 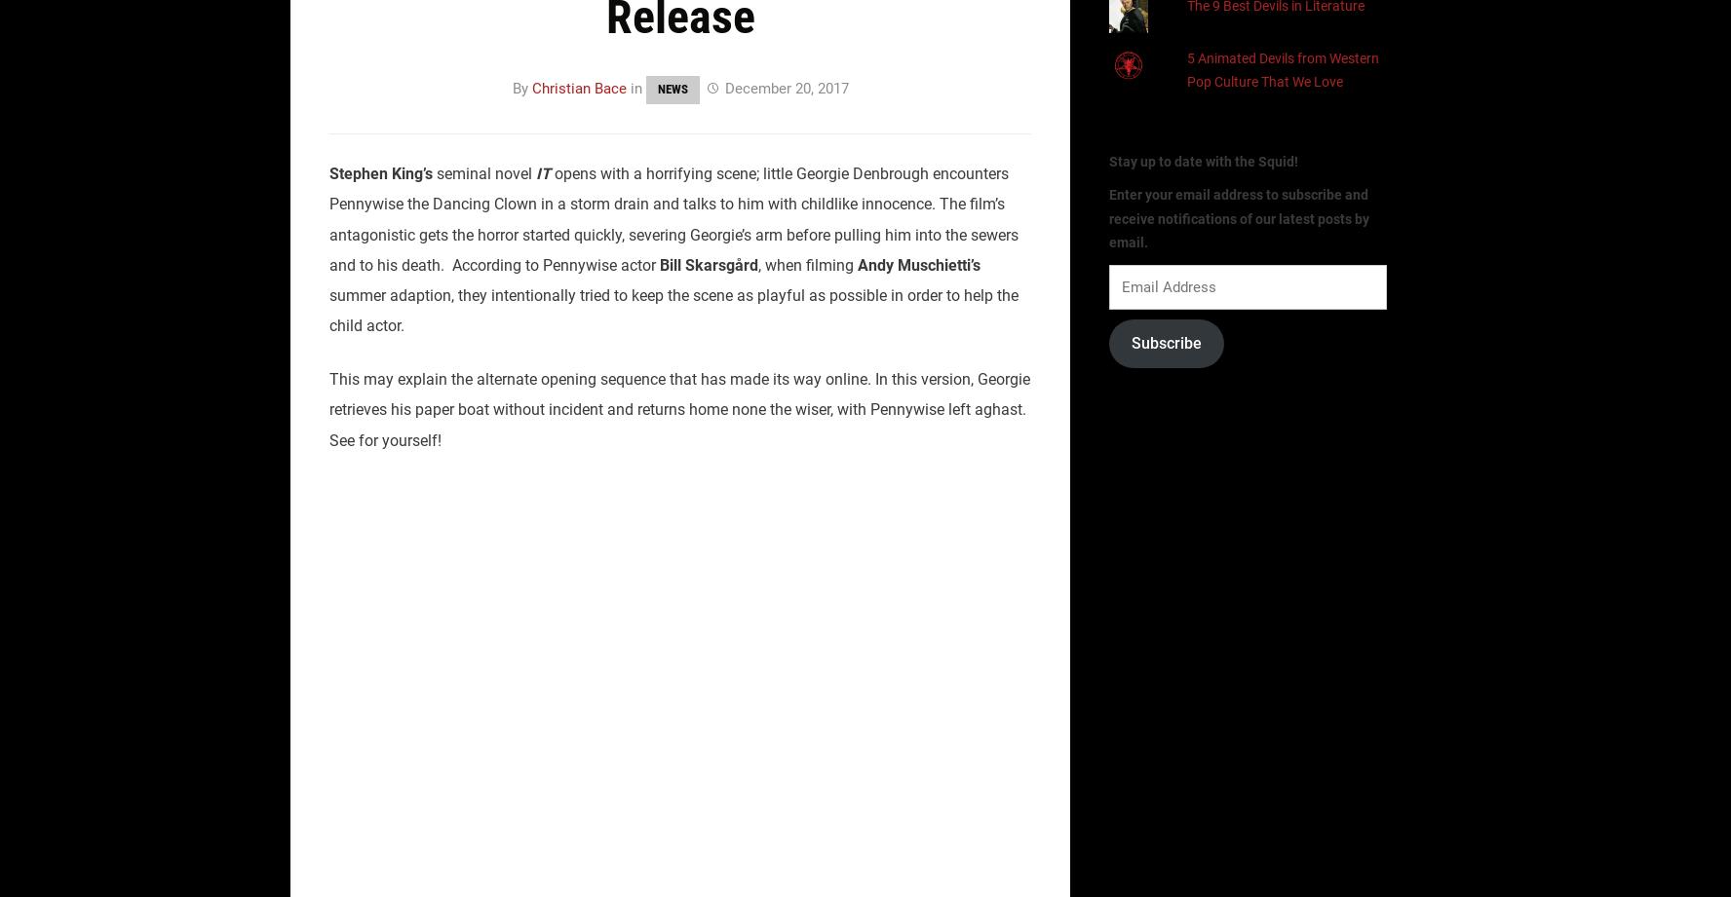 What do you see at coordinates (785, 88) in the screenshot?
I see `'December 20, 2017'` at bounding box center [785, 88].